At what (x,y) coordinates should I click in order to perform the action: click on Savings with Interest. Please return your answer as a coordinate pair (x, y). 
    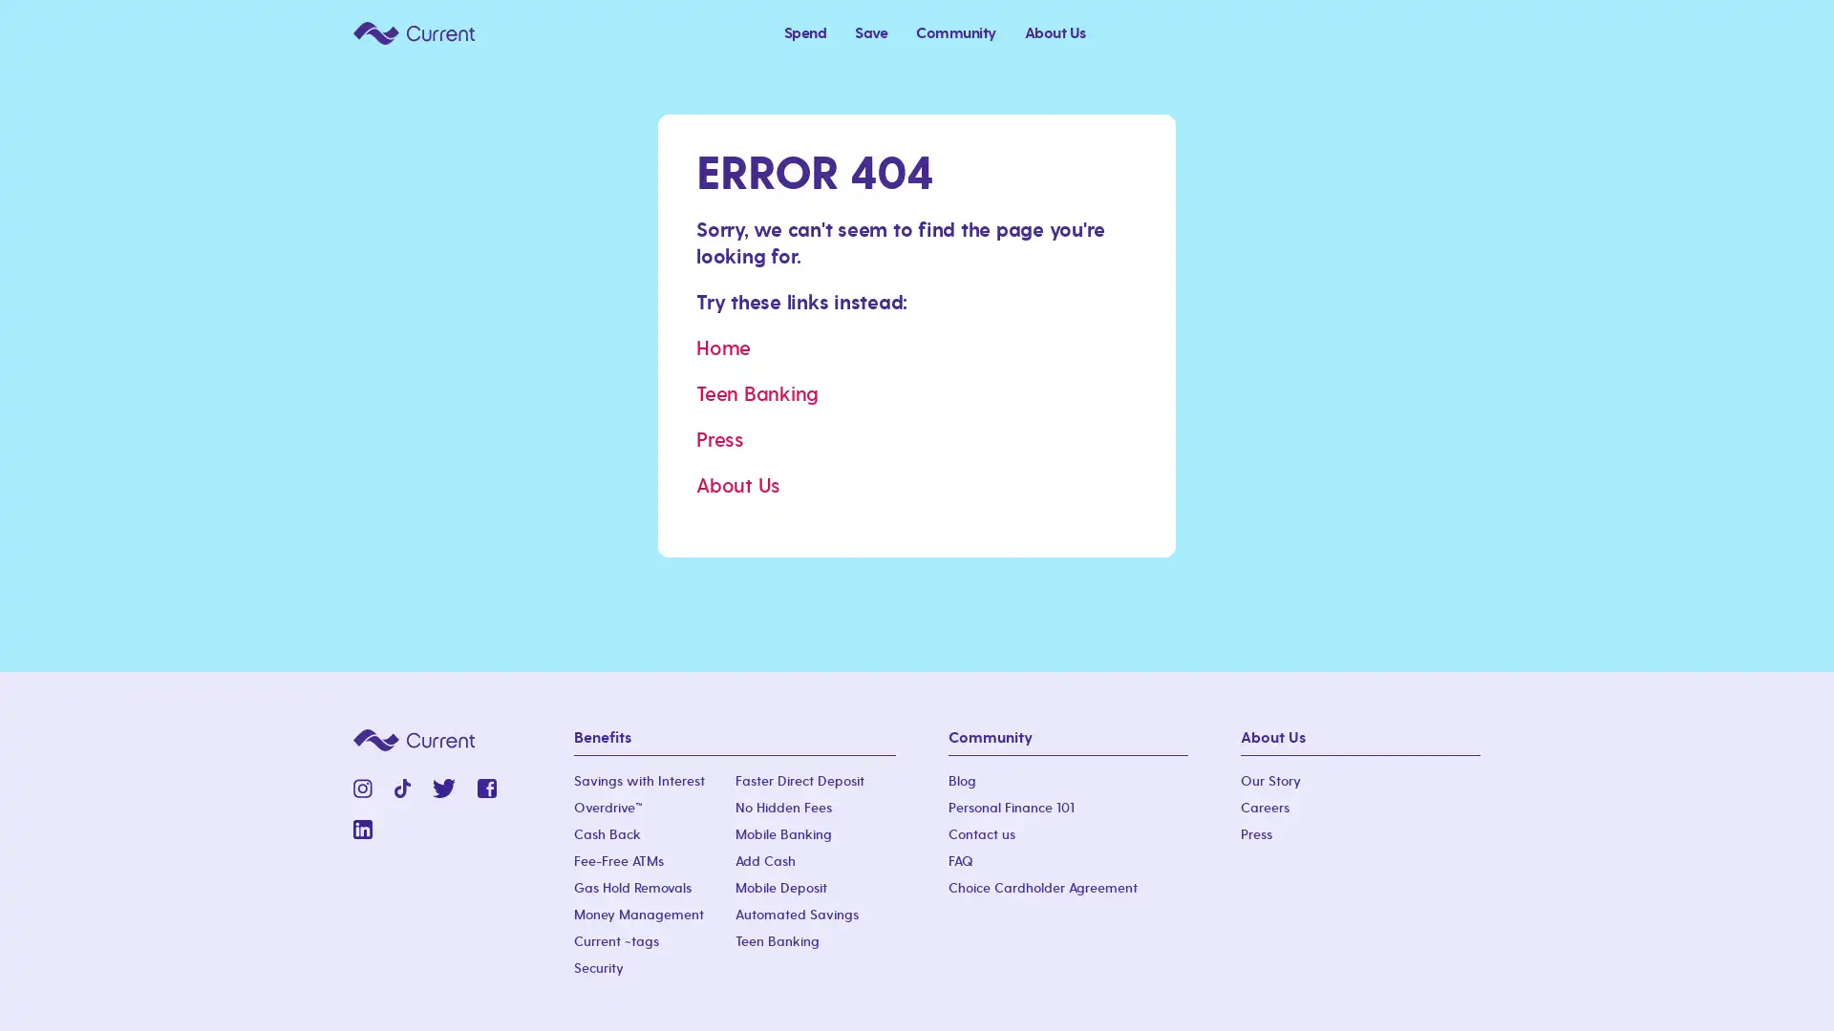
    Looking at the image, I should click on (639, 781).